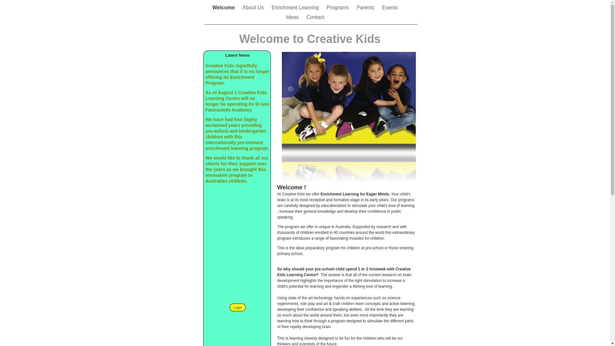  What do you see at coordinates (293, 17) in the screenshot?
I see `'Ideas'` at bounding box center [293, 17].